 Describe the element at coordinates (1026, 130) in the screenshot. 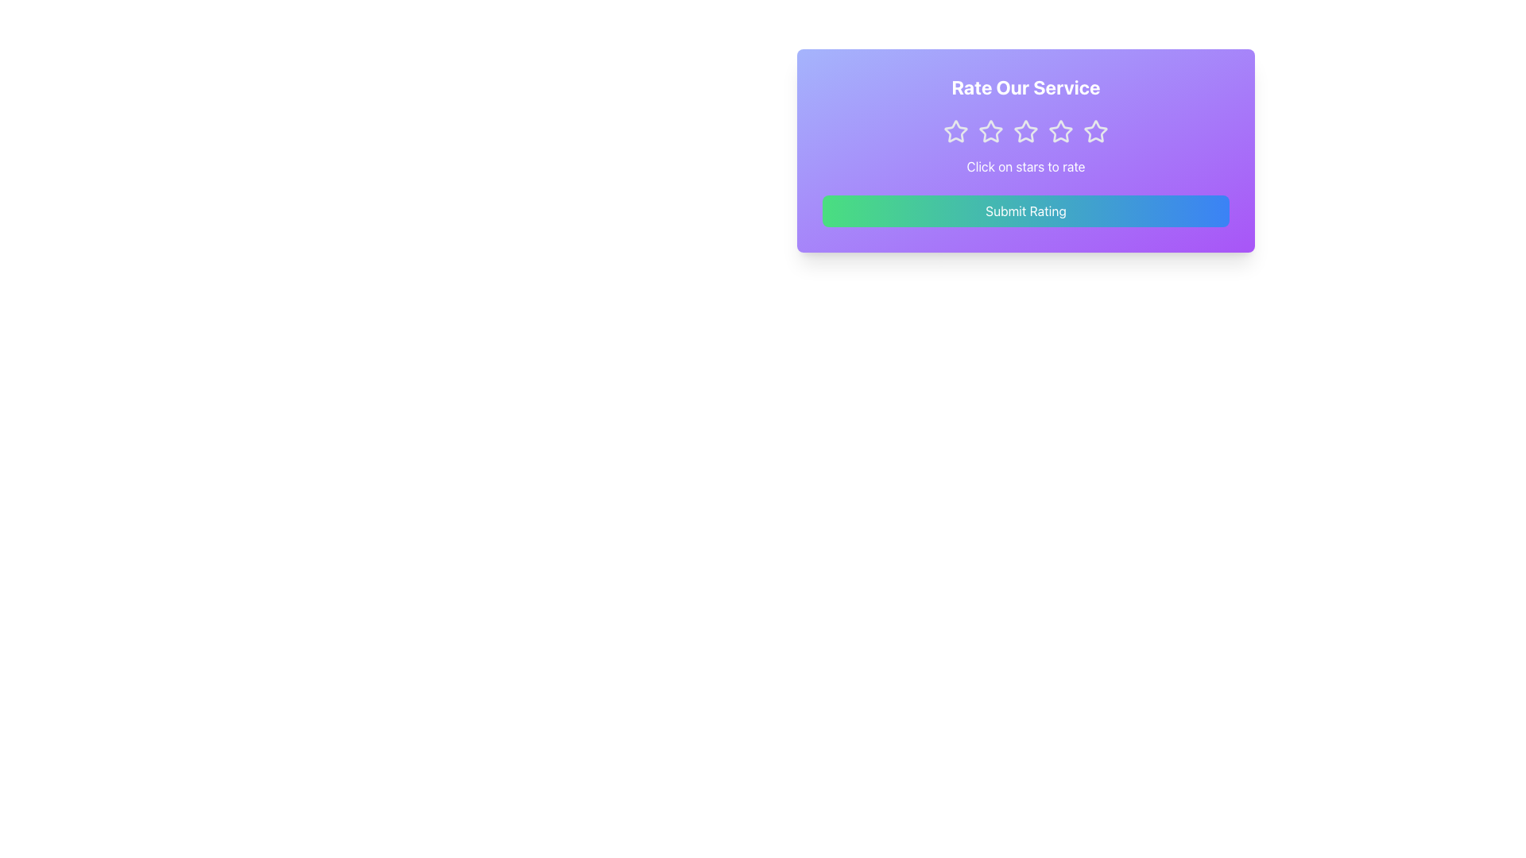

I see `the second star-shaped interactive icon in the rating system` at that location.